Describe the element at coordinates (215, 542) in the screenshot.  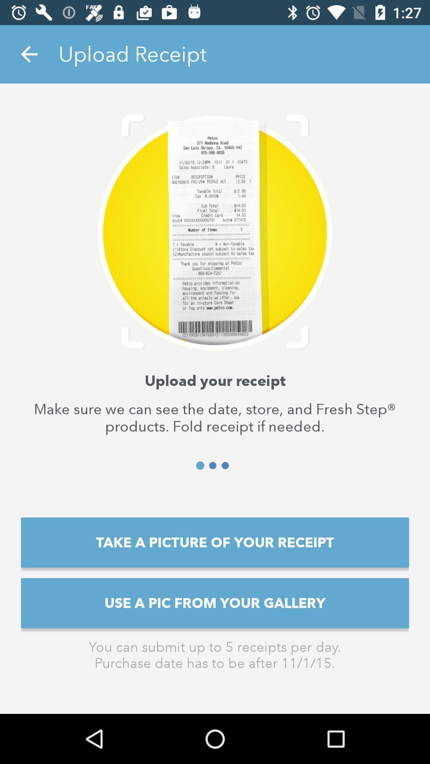
I see `the take a picture` at that location.